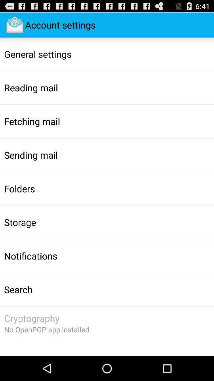  I want to click on item above the search app, so click(30, 255).